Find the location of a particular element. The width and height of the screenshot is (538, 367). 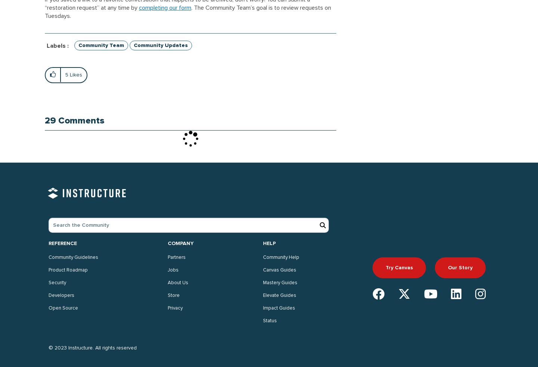

'Open Source' is located at coordinates (63, 308).